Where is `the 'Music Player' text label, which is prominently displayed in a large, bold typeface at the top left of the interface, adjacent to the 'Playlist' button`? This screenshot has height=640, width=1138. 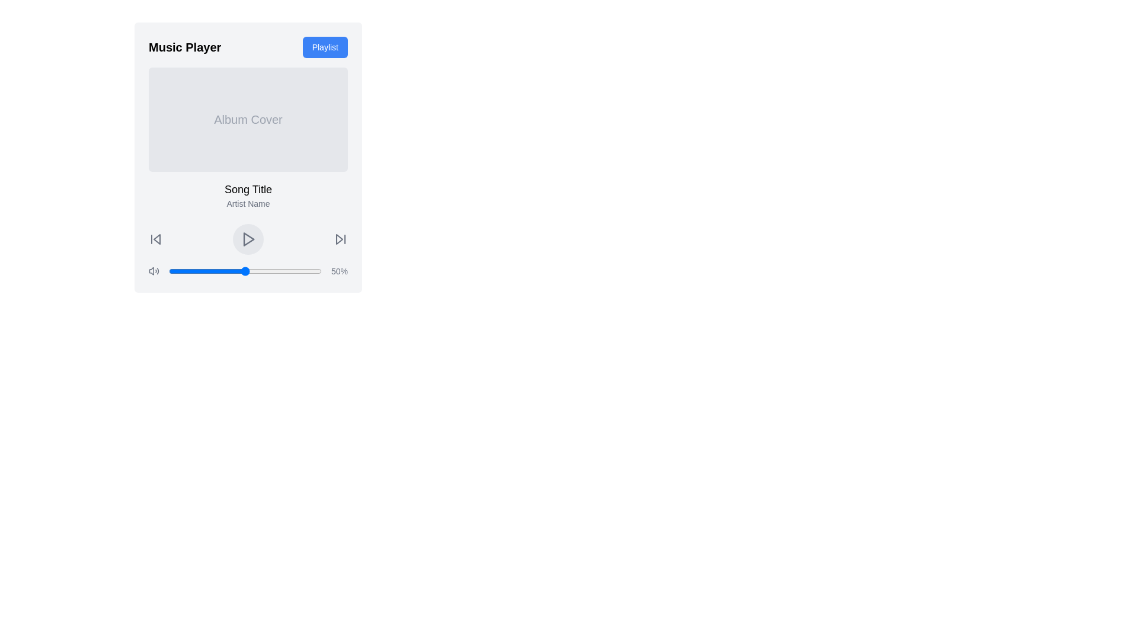 the 'Music Player' text label, which is prominently displayed in a large, bold typeface at the top left of the interface, adjacent to the 'Playlist' button is located at coordinates (184, 47).